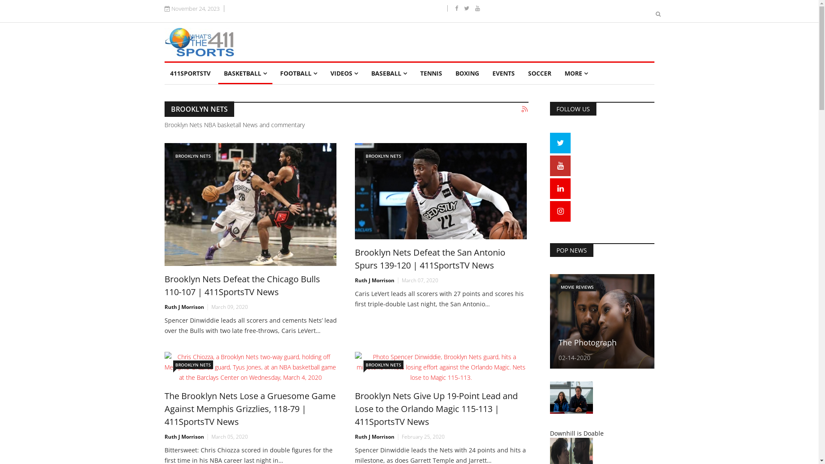 The width and height of the screenshot is (825, 464). What do you see at coordinates (503, 73) in the screenshot?
I see `'EVENTS'` at bounding box center [503, 73].